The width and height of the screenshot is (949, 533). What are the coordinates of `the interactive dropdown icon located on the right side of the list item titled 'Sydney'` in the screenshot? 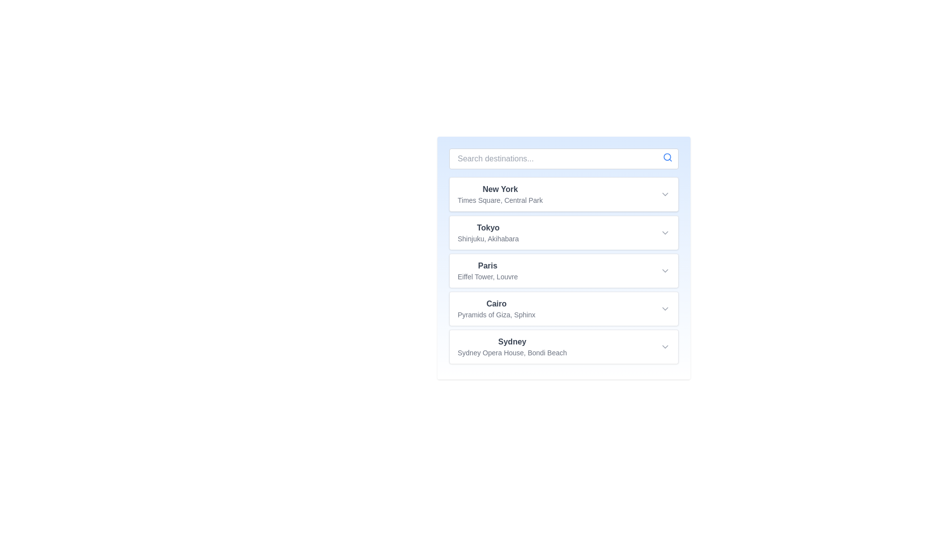 It's located at (665, 346).